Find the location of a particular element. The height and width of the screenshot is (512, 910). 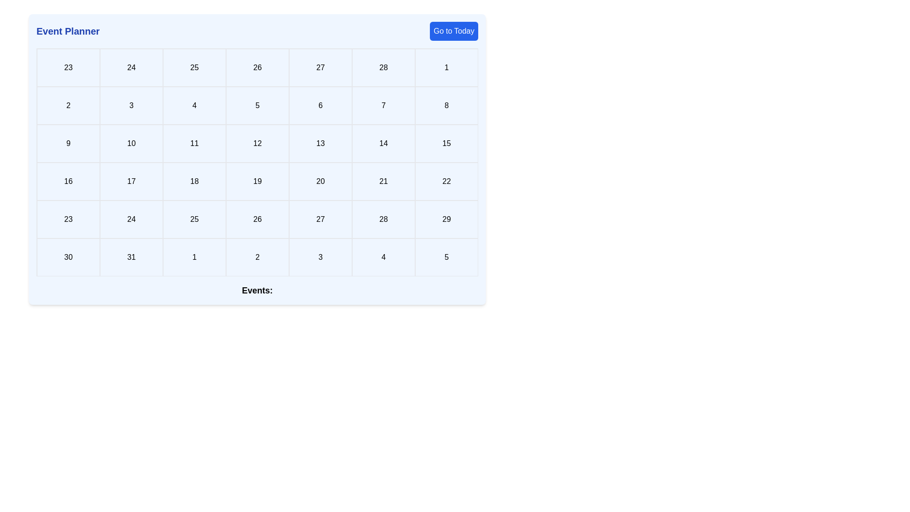

the button representing the 25th day in the calendar interface, which is located as the third box in the first row of a 7-column grid is located at coordinates (194, 67).